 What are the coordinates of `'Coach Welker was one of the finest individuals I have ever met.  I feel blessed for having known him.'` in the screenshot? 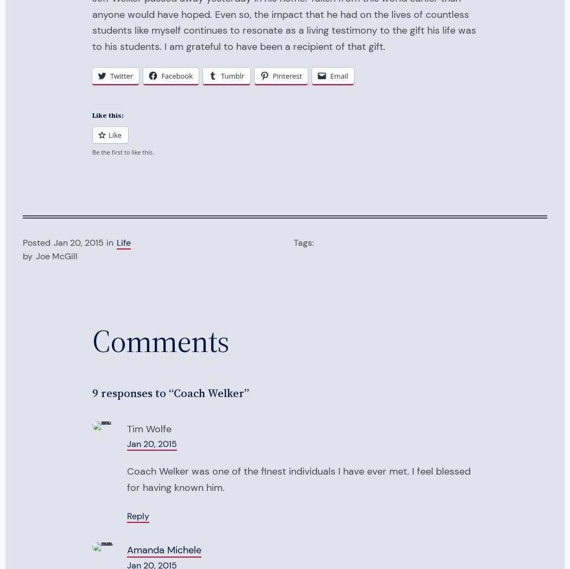 It's located at (299, 479).